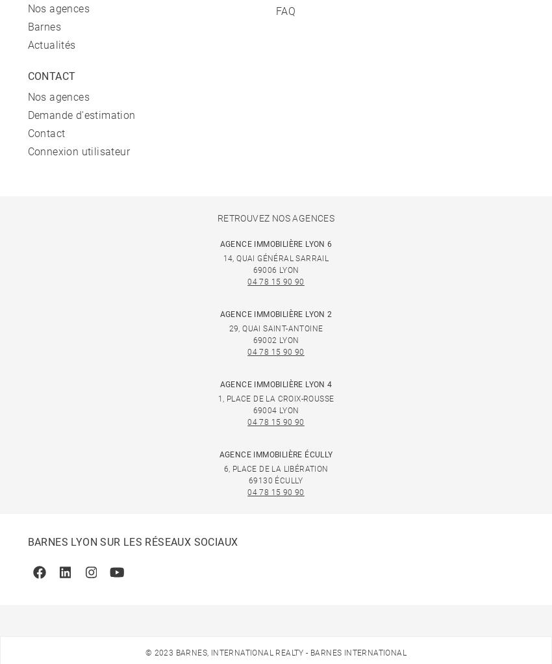  What do you see at coordinates (275, 328) in the screenshot?
I see `'29, quai Saint-Antoine'` at bounding box center [275, 328].